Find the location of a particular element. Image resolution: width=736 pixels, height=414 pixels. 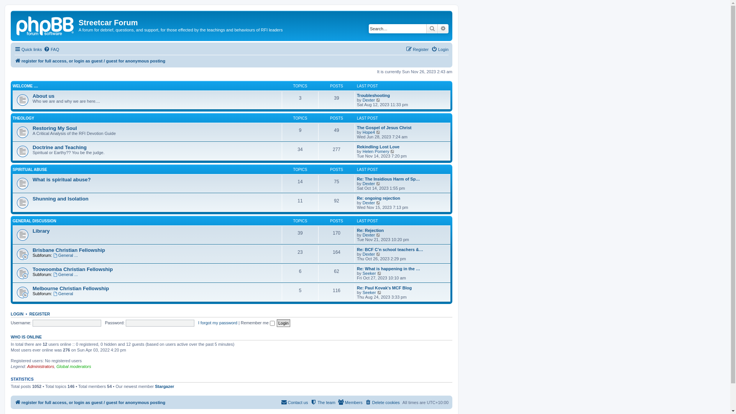

'Global moderators' is located at coordinates (56, 366).